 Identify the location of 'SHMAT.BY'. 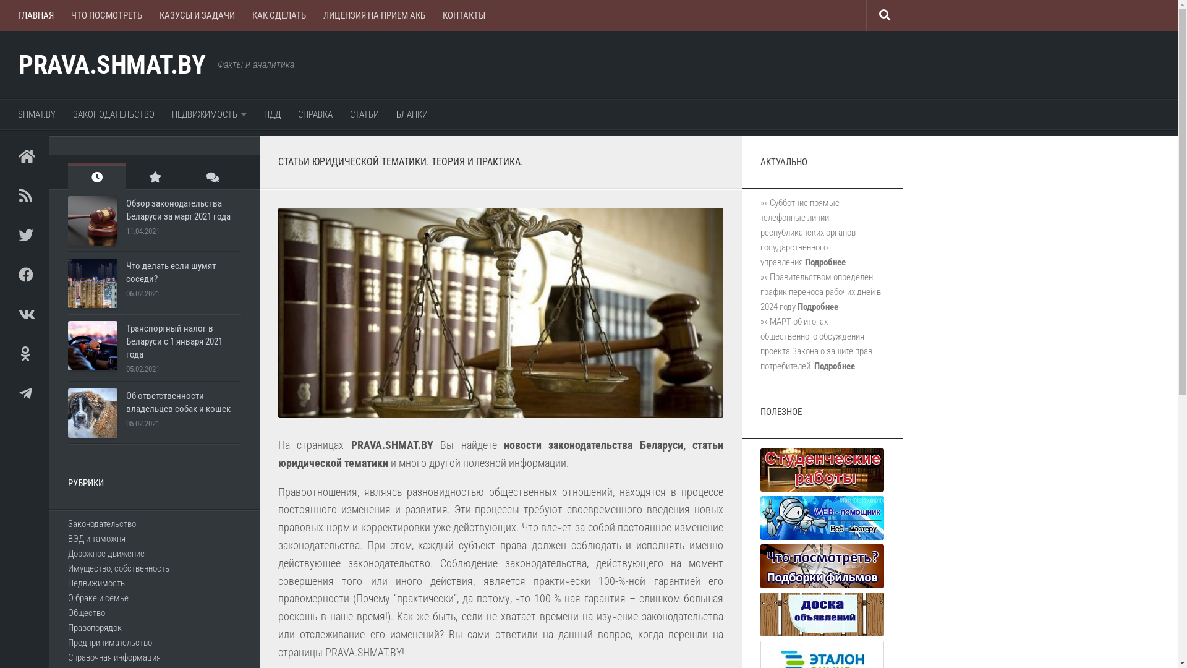
(36, 114).